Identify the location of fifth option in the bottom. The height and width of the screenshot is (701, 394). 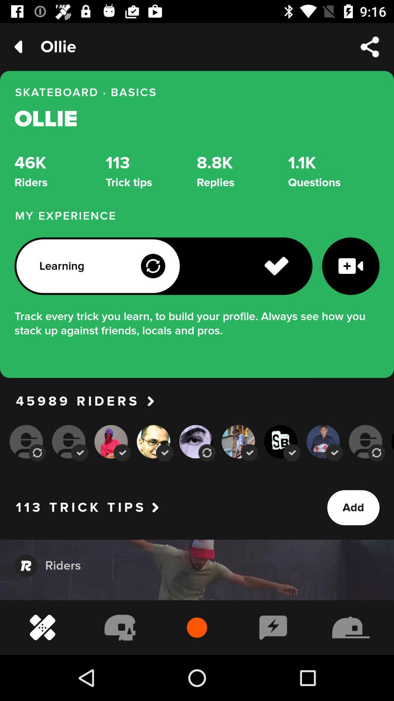
(207, 452).